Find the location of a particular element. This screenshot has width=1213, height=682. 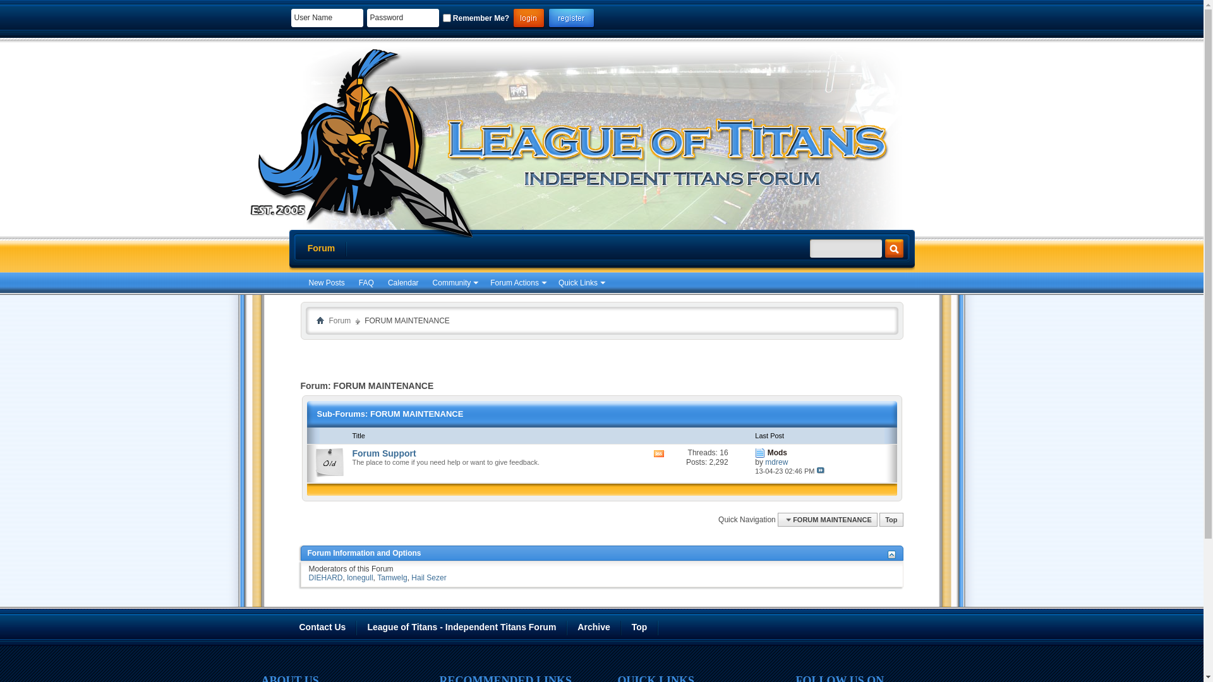

'DIEHARD' is located at coordinates (325, 577).